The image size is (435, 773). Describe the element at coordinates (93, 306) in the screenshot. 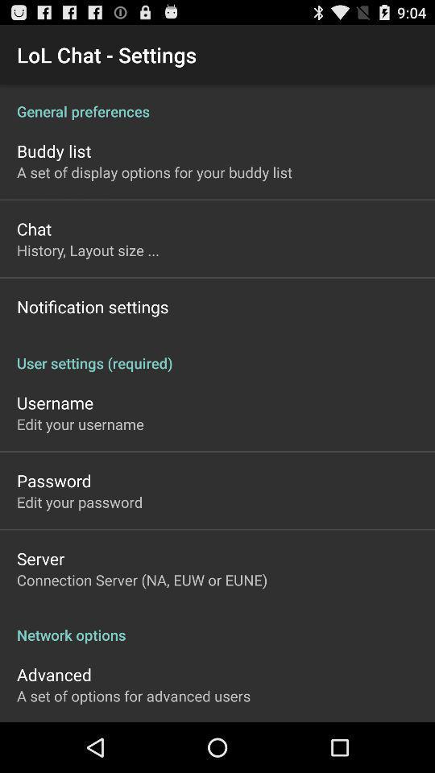

I see `the icon above user settings (required) app` at that location.